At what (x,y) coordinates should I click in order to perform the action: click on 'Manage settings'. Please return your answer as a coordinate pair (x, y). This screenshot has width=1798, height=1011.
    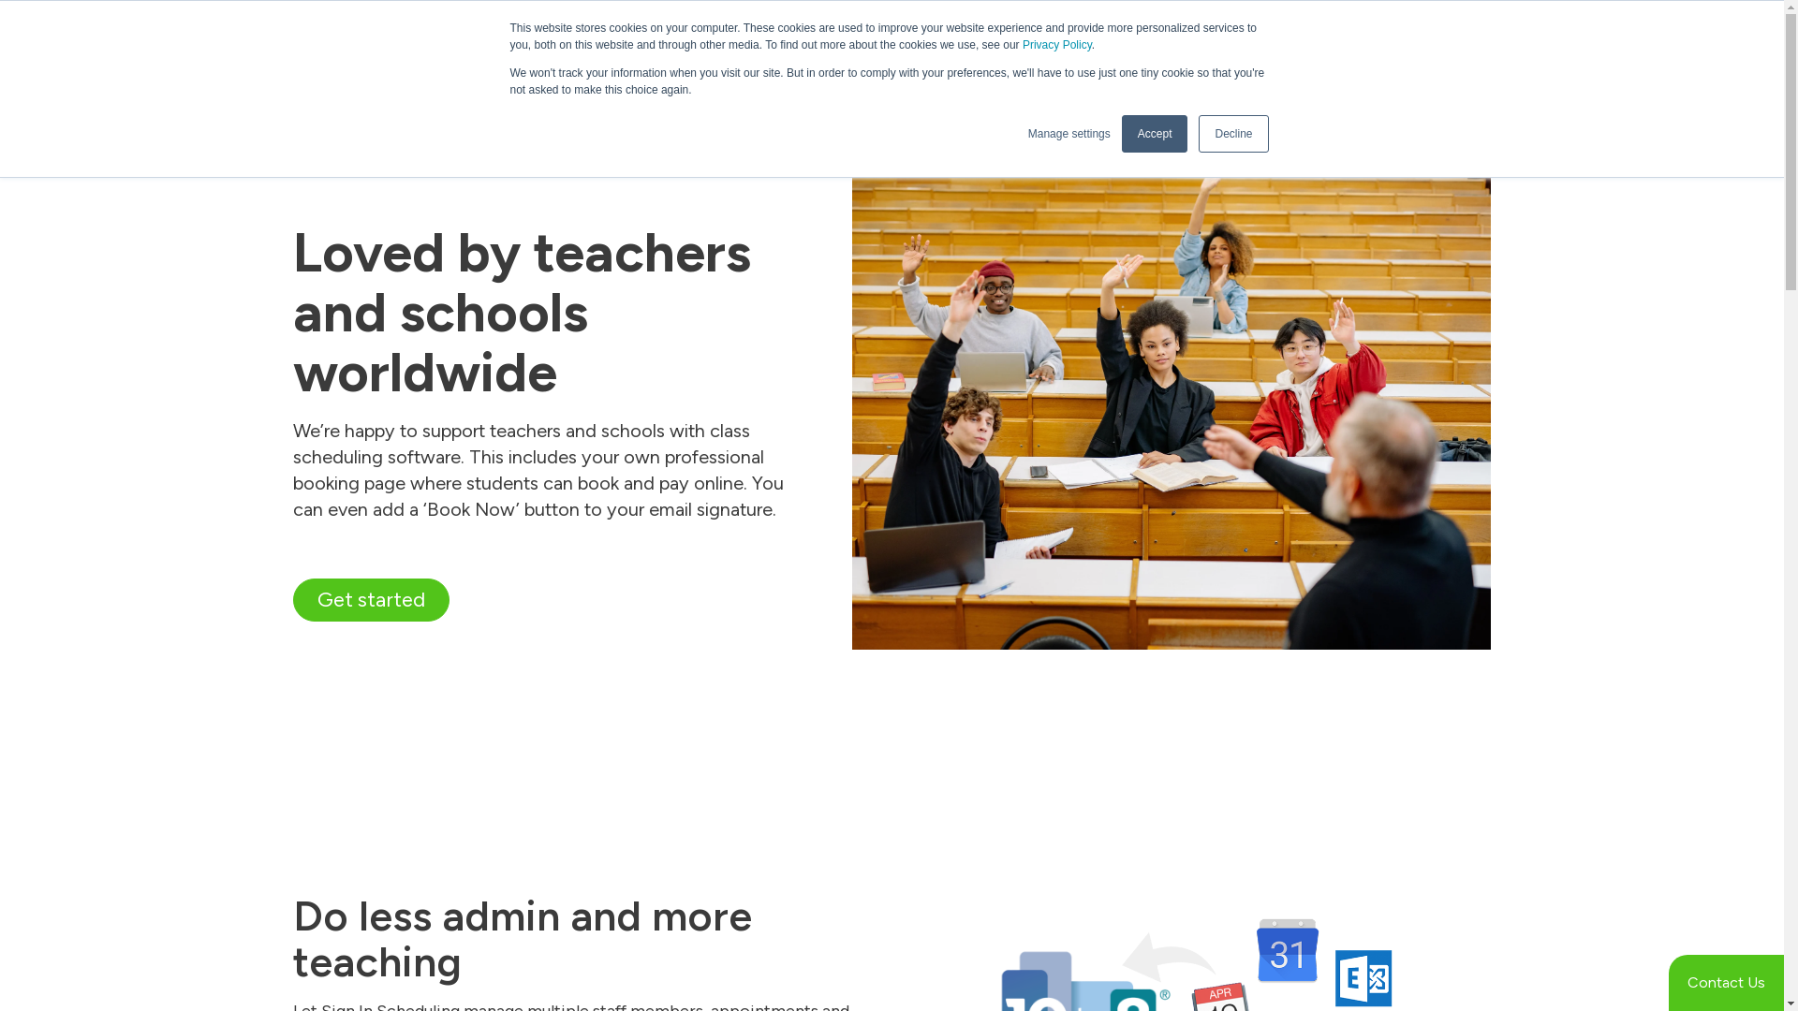
    Looking at the image, I should click on (1069, 132).